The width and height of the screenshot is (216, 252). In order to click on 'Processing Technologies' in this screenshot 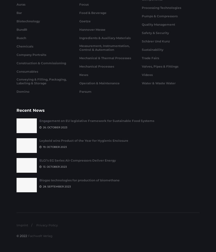, I will do `click(161, 35)`.